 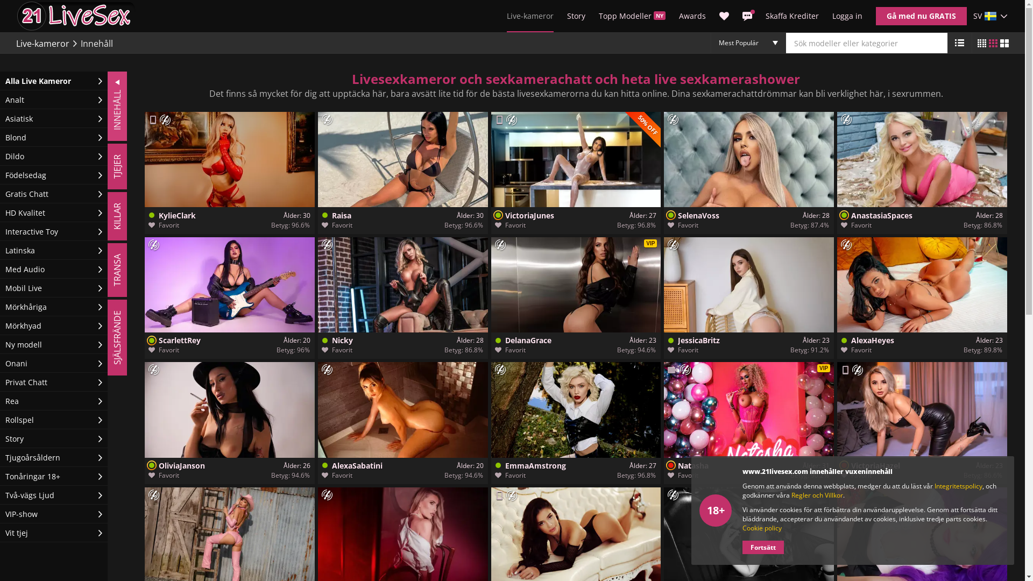 What do you see at coordinates (133, 253) in the screenshot?
I see `'TRANSA'` at bounding box center [133, 253].